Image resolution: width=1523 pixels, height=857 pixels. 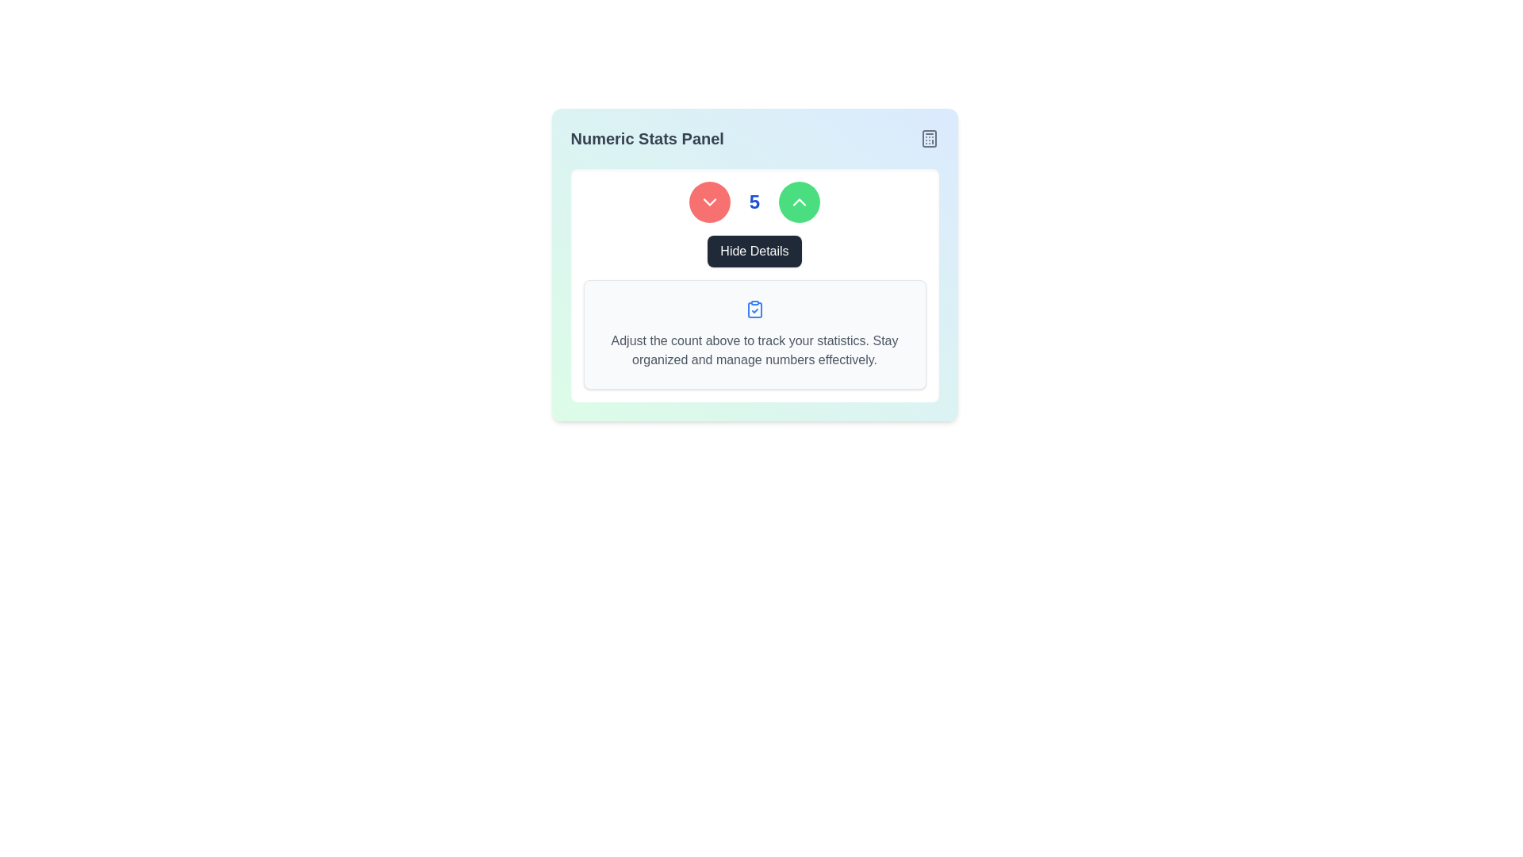 What do you see at coordinates (754, 250) in the screenshot?
I see `the 'Hide Details' button, which is a rectangular button with rounded edges, dark background, and white text, located below a numeric display and above a descriptive text block` at bounding box center [754, 250].